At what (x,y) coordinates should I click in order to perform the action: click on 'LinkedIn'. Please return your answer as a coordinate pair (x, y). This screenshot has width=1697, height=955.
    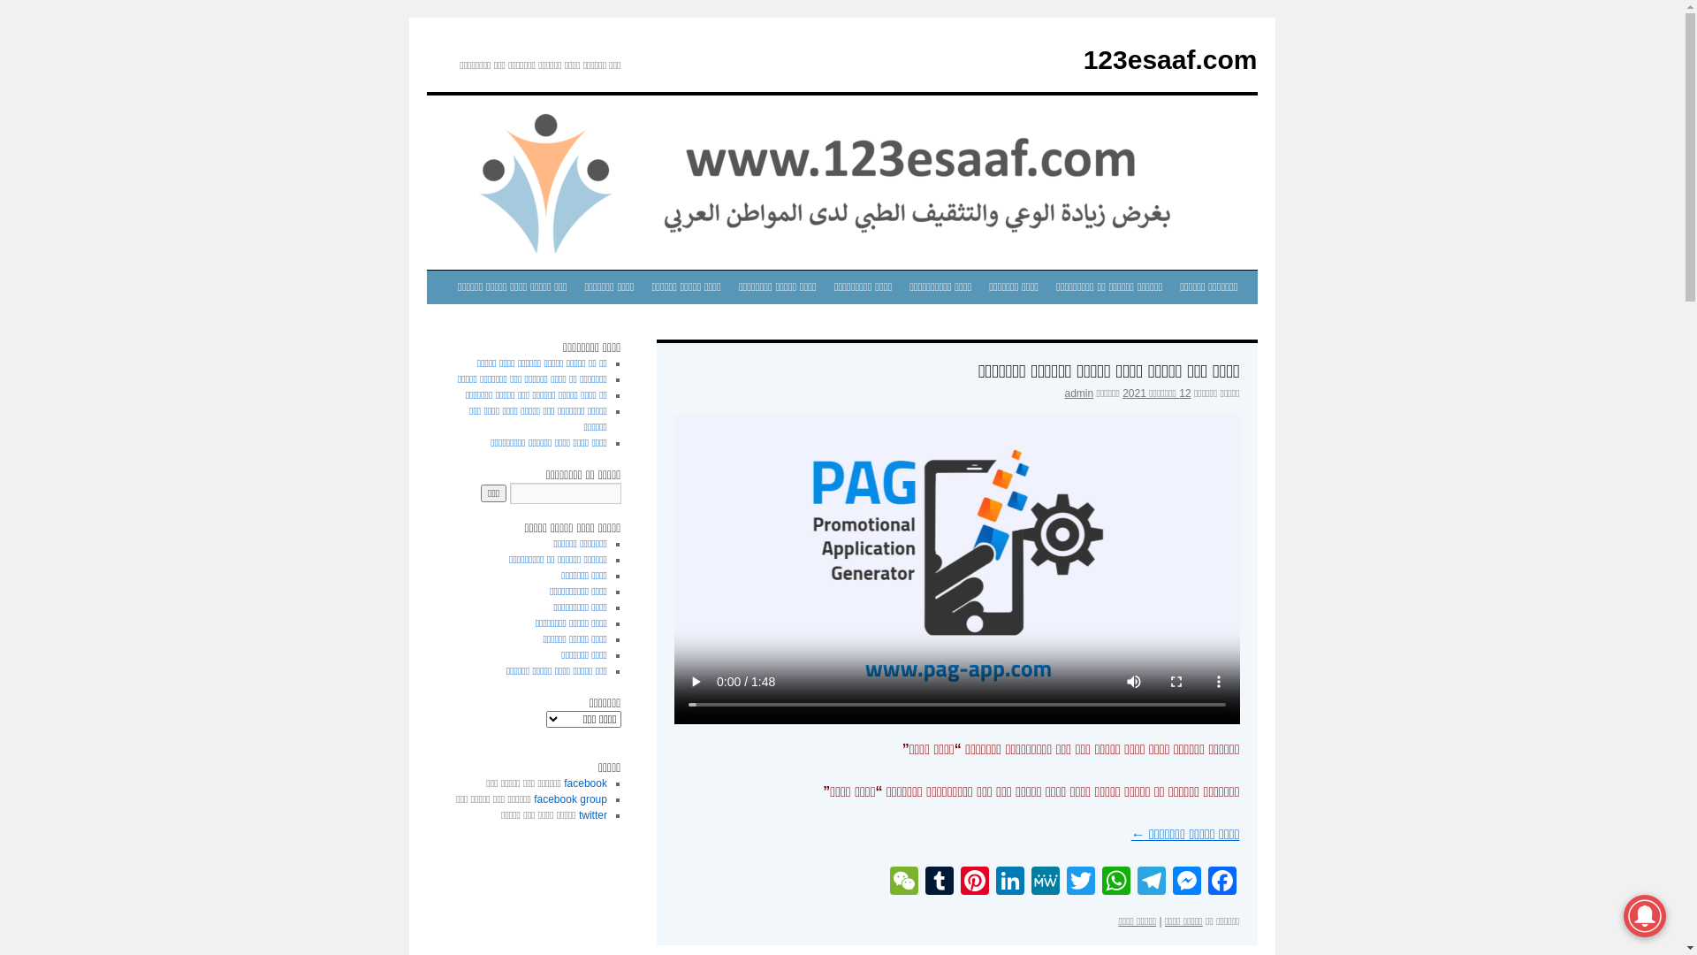
    Looking at the image, I should click on (1009, 882).